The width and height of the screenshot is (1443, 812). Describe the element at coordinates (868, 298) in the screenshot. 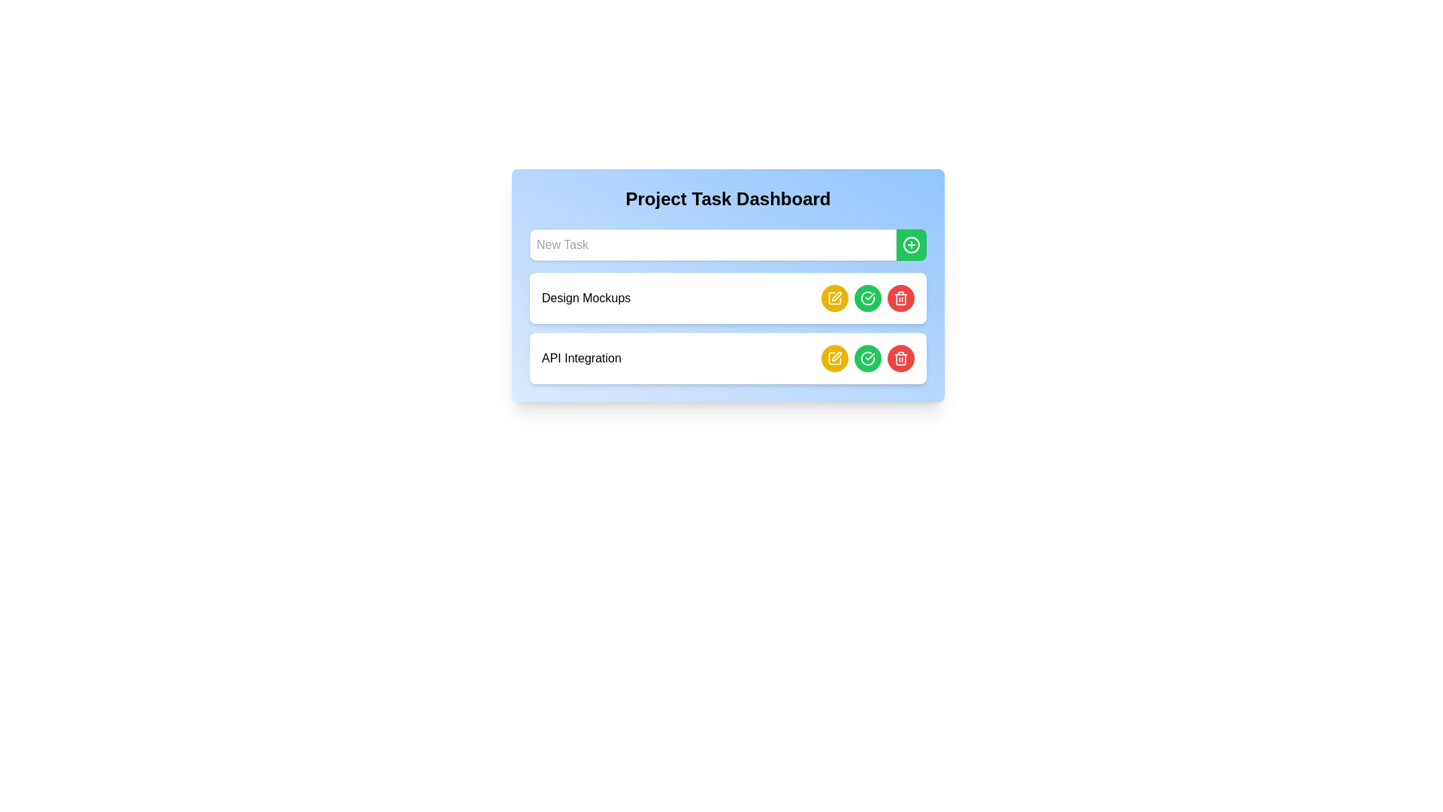

I see `the 'confirm' icon button, which is the second button in the task row for 'API Integration', to mark the task as completed` at that location.